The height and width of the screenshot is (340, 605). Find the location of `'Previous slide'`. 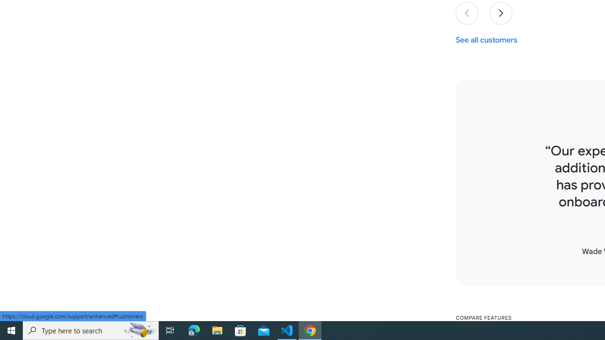

'Previous slide' is located at coordinates (467, 13).